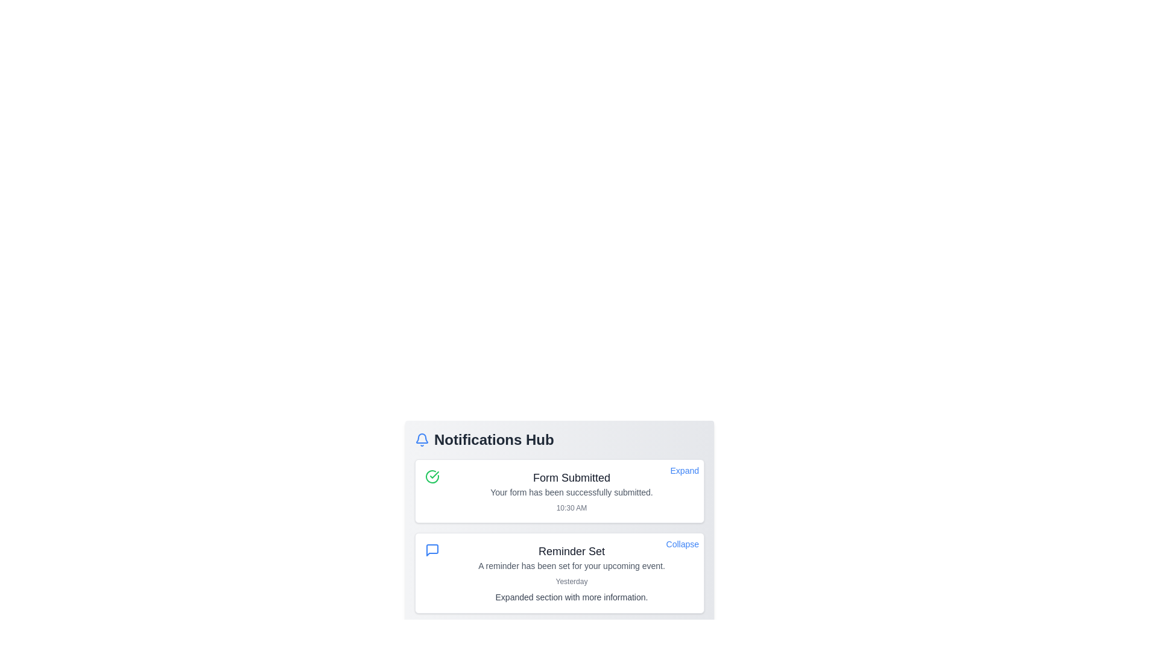  What do you see at coordinates (682, 544) in the screenshot?
I see `the text link in the top-right corner of the 'Reminder Set' notification card to collapse its contents` at bounding box center [682, 544].